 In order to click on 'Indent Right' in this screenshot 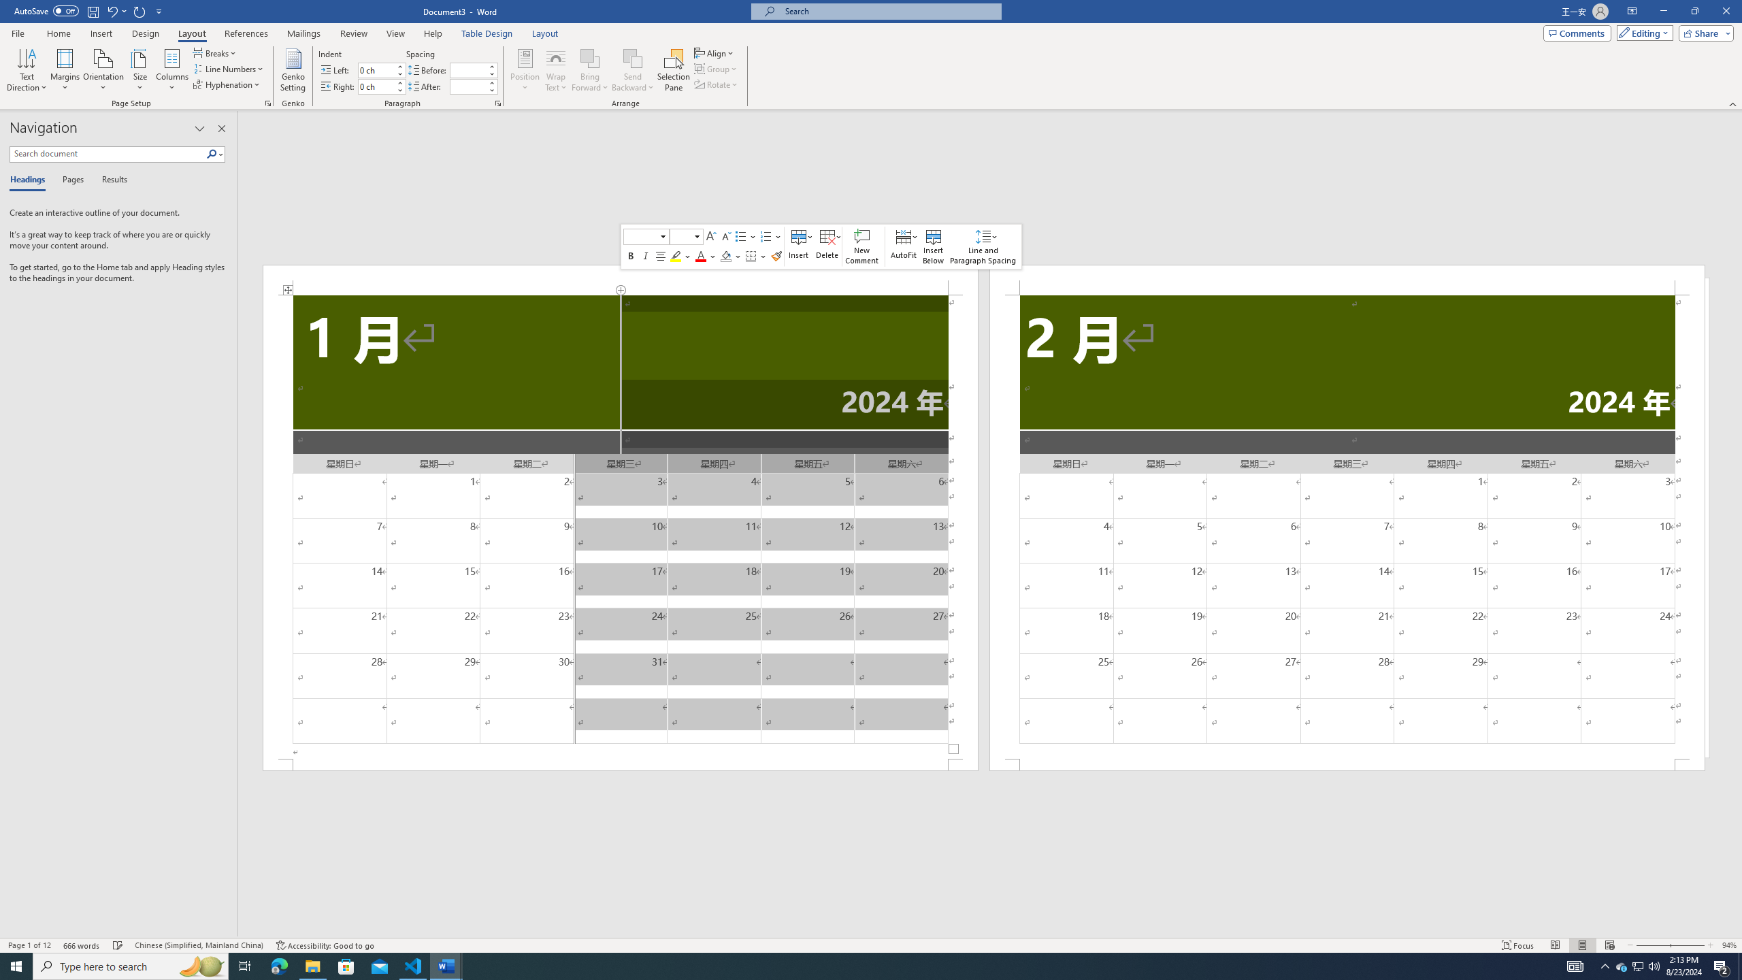, I will do `click(375, 86)`.